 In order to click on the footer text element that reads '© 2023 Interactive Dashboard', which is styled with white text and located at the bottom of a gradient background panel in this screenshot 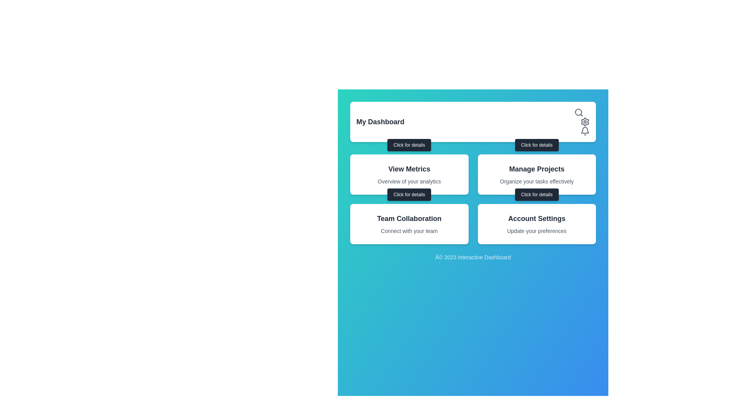, I will do `click(473, 257)`.